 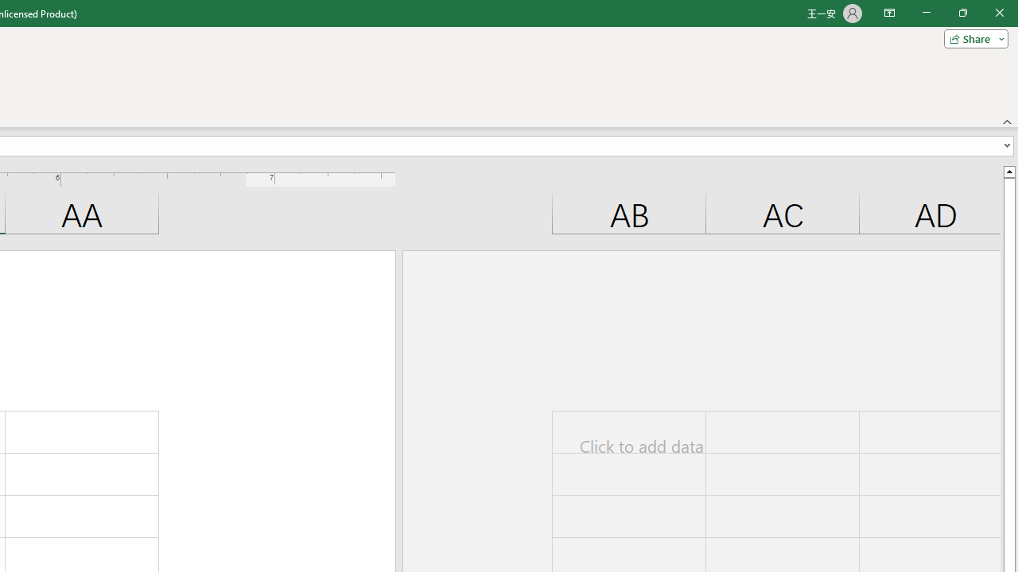 I want to click on 'Collapse the Ribbon', so click(x=1007, y=121).